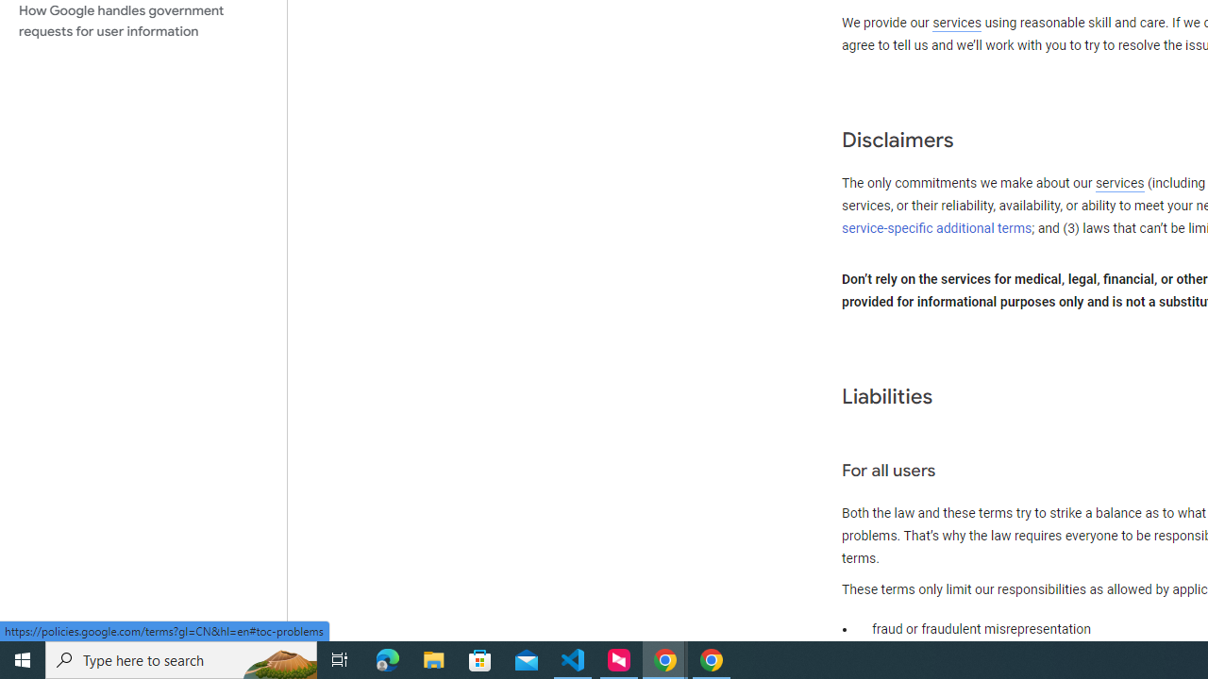  Describe the element at coordinates (937, 227) in the screenshot. I see `'service-specific additional terms'` at that location.